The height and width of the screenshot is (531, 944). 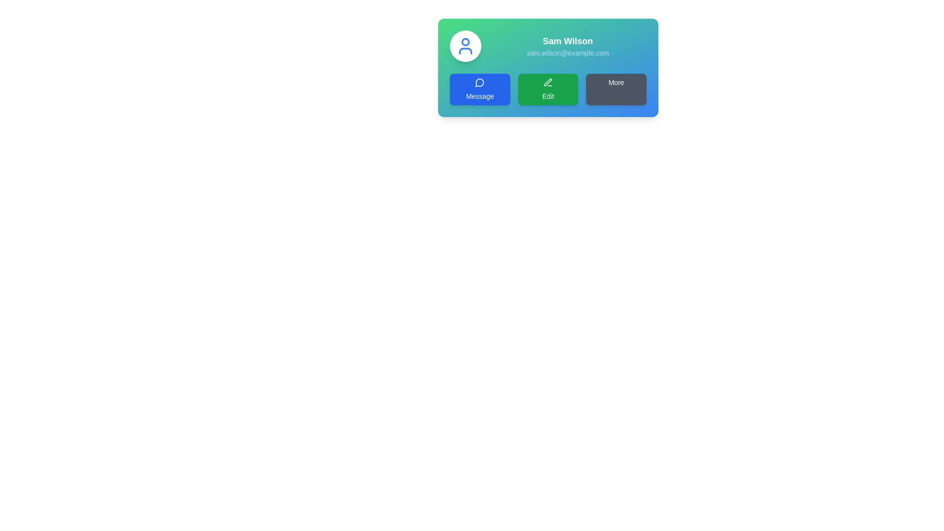 I want to click on the third button in the horizontal group of buttons below the user's name and email, so click(x=616, y=89).